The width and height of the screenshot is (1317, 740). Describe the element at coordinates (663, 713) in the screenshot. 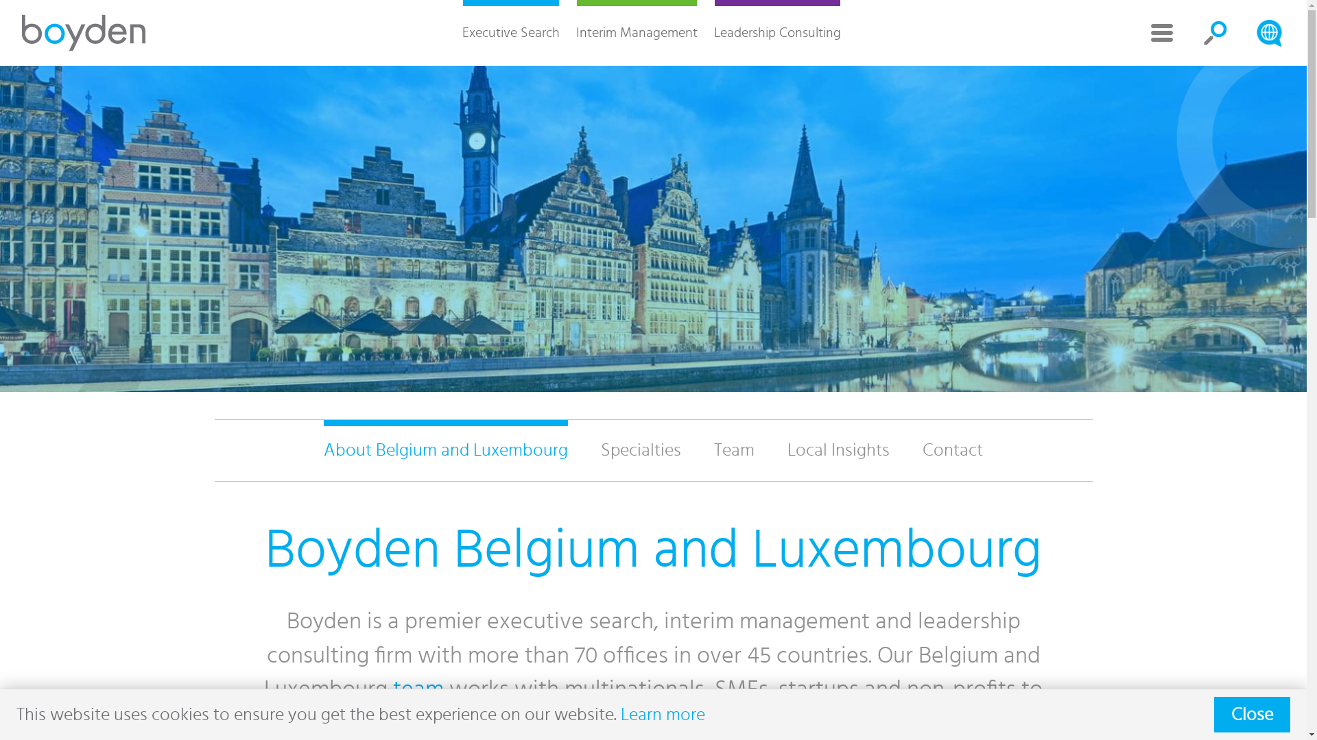

I see `'Learn more'` at that location.